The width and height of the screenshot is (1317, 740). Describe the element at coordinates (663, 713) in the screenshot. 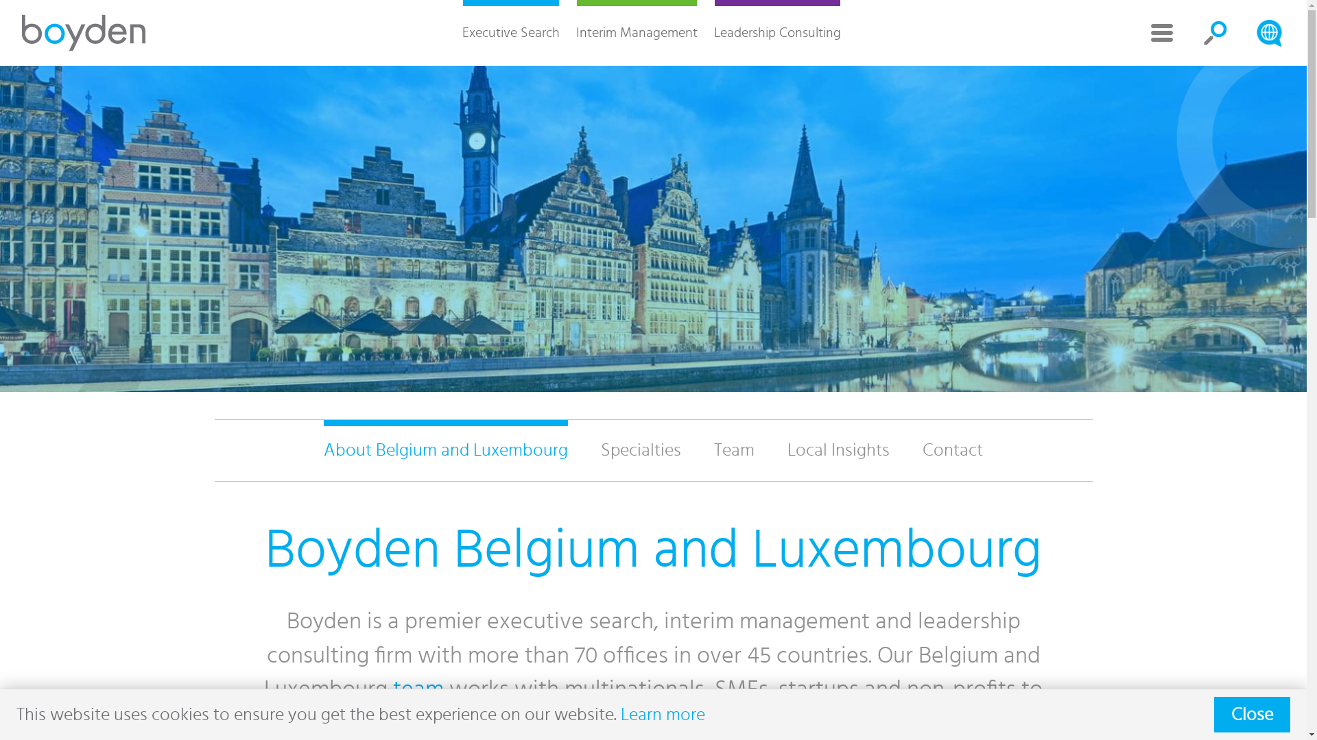

I see `'Learn more'` at that location.